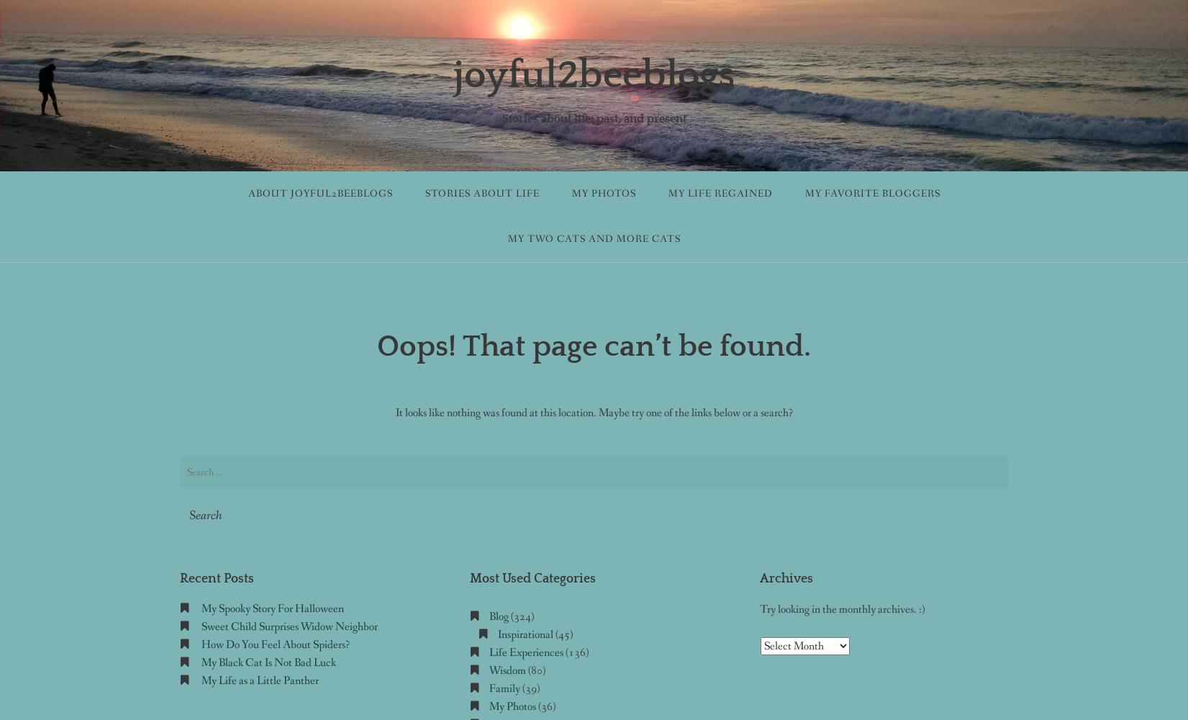 The height and width of the screenshot is (720, 1188). What do you see at coordinates (201, 680) in the screenshot?
I see `'My Life as a Little Panther'` at bounding box center [201, 680].